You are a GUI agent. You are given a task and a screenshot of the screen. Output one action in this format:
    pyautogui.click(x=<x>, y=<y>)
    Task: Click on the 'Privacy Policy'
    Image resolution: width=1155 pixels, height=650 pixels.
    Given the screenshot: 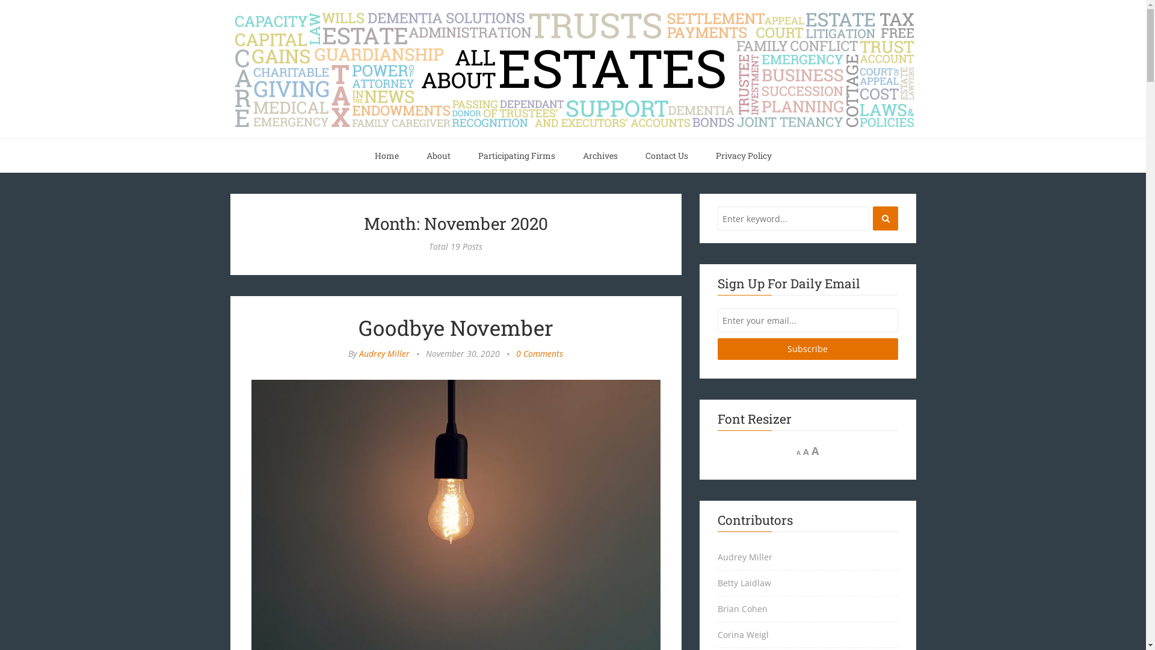 What is the action you would take?
    pyautogui.click(x=742, y=155)
    